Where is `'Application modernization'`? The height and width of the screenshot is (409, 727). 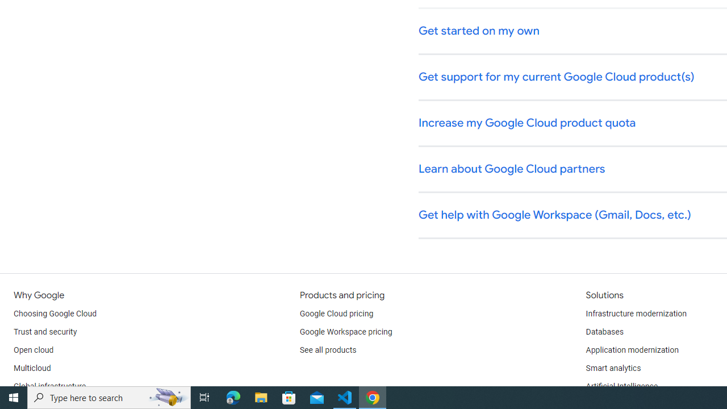 'Application modernization' is located at coordinates (631, 350).